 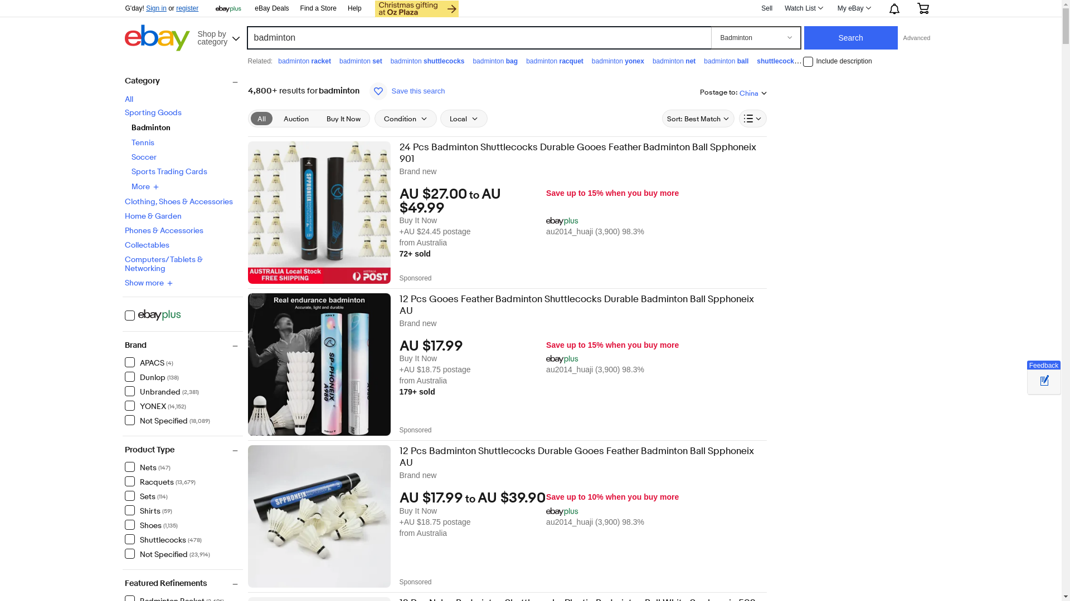 What do you see at coordinates (152, 112) in the screenshot?
I see `'Sporting Goods'` at bounding box center [152, 112].